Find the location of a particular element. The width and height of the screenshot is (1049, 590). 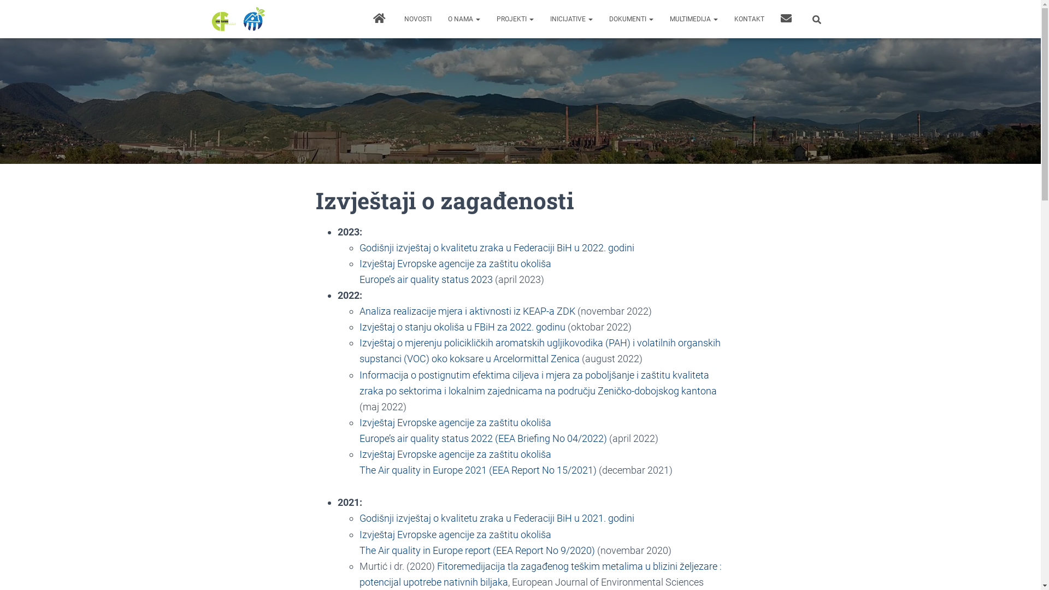

'MULTIMEDIJA' is located at coordinates (660, 19).